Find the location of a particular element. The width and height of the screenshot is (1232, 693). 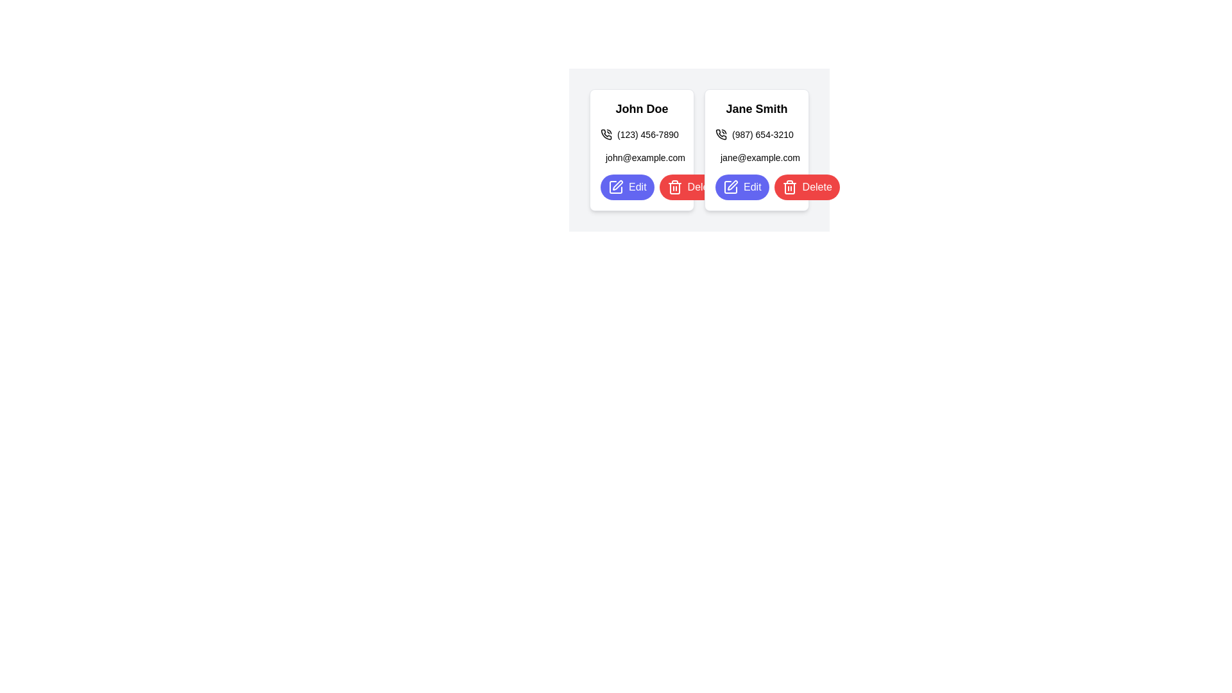

the pencil icon representing the 'Edit' action, located on the right-hand side of the 'Edit' button near John Doe's contact information is located at coordinates (618, 185).